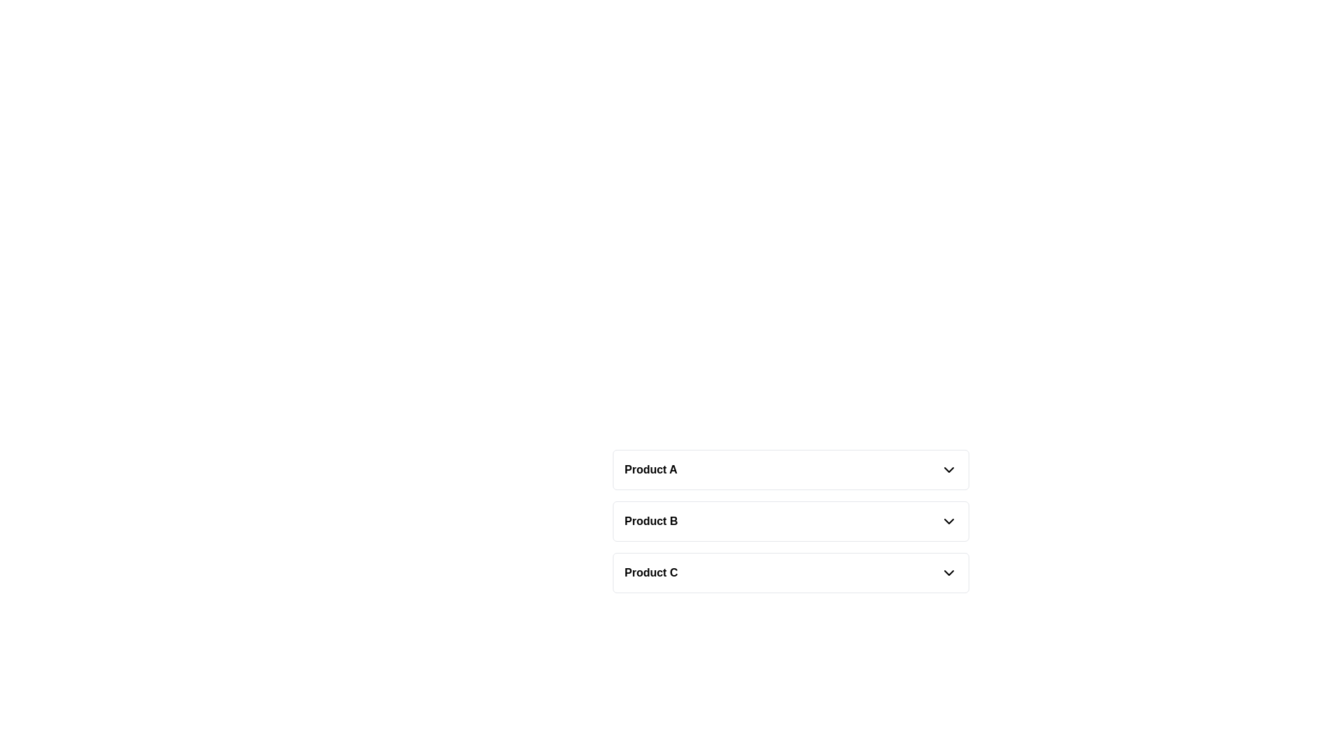 The image size is (1337, 752). What do you see at coordinates (791, 521) in the screenshot?
I see `the 'Product B' dropdown menu item, which is the second item in the list` at bounding box center [791, 521].